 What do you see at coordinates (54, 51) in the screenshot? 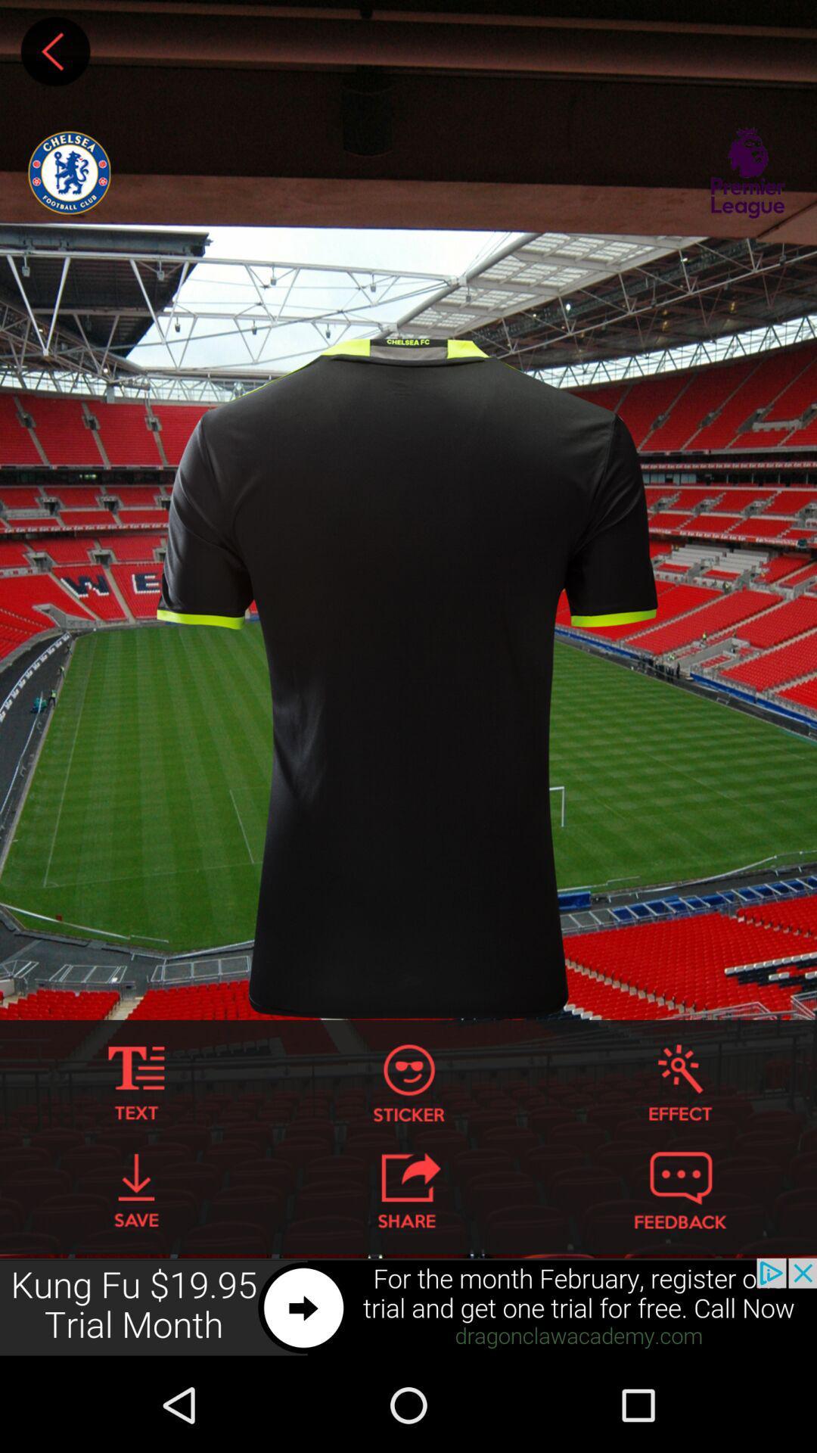
I see `go back` at bounding box center [54, 51].